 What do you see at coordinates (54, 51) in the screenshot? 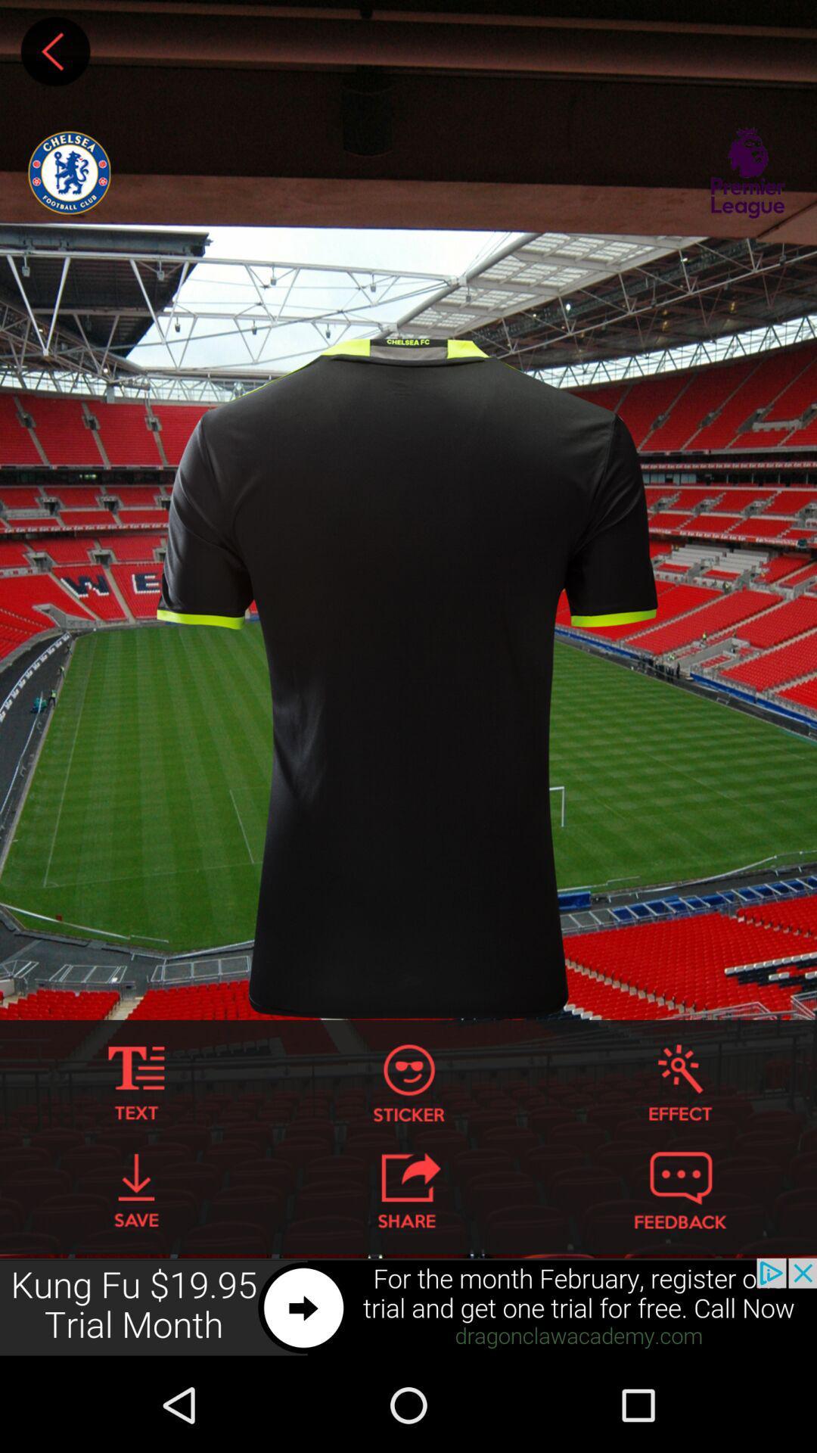
I see `go back` at bounding box center [54, 51].